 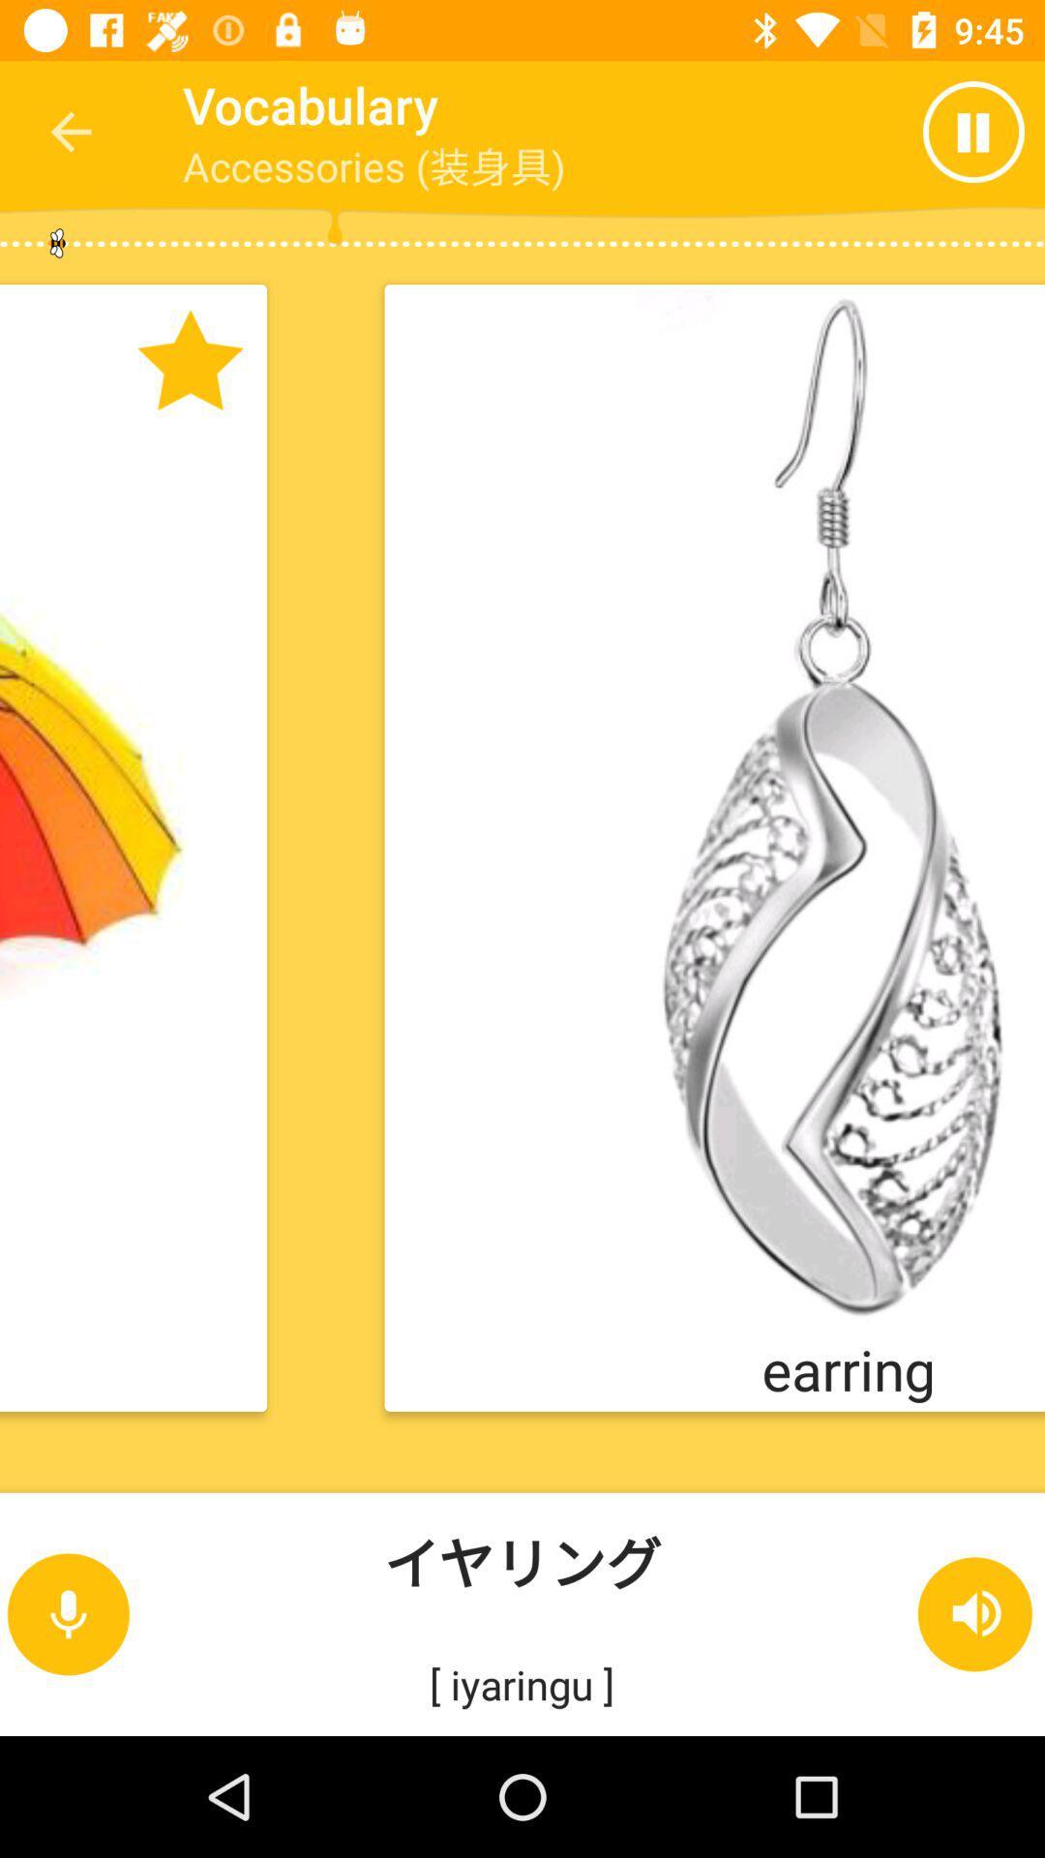 What do you see at coordinates (976, 1614) in the screenshot?
I see `the volume icon` at bounding box center [976, 1614].